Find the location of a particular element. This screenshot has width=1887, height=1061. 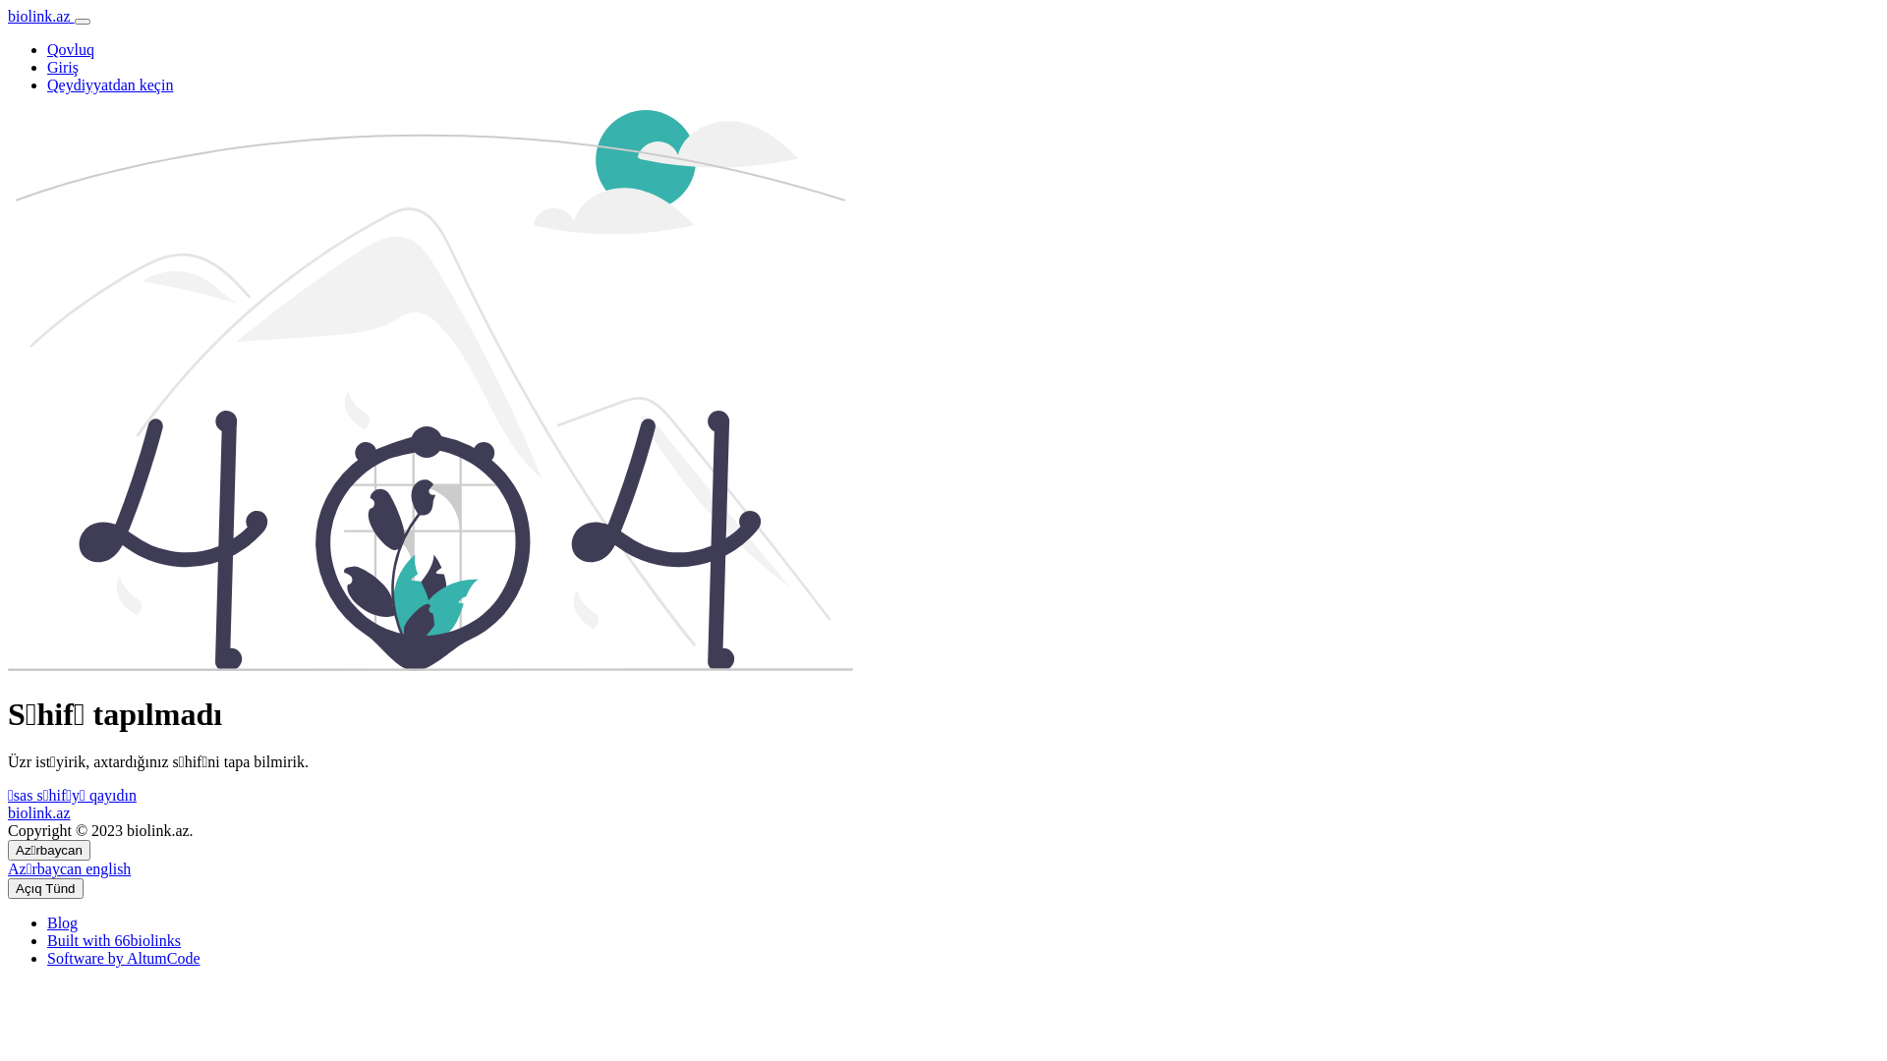

'Blog' is located at coordinates (62, 922).